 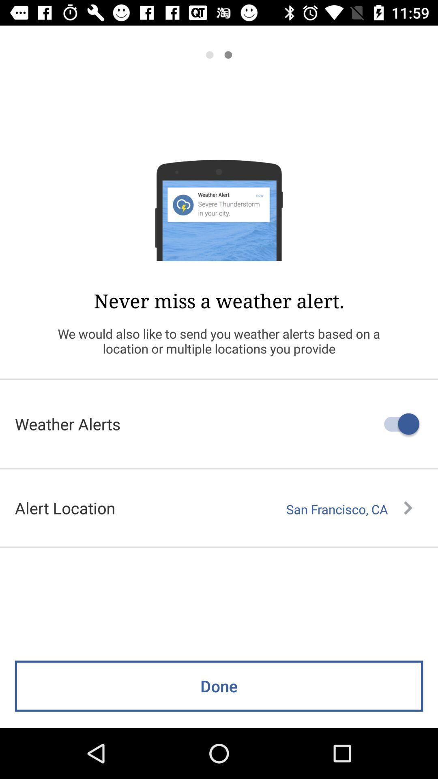 What do you see at coordinates (349, 509) in the screenshot?
I see `icon next to the alert location` at bounding box center [349, 509].